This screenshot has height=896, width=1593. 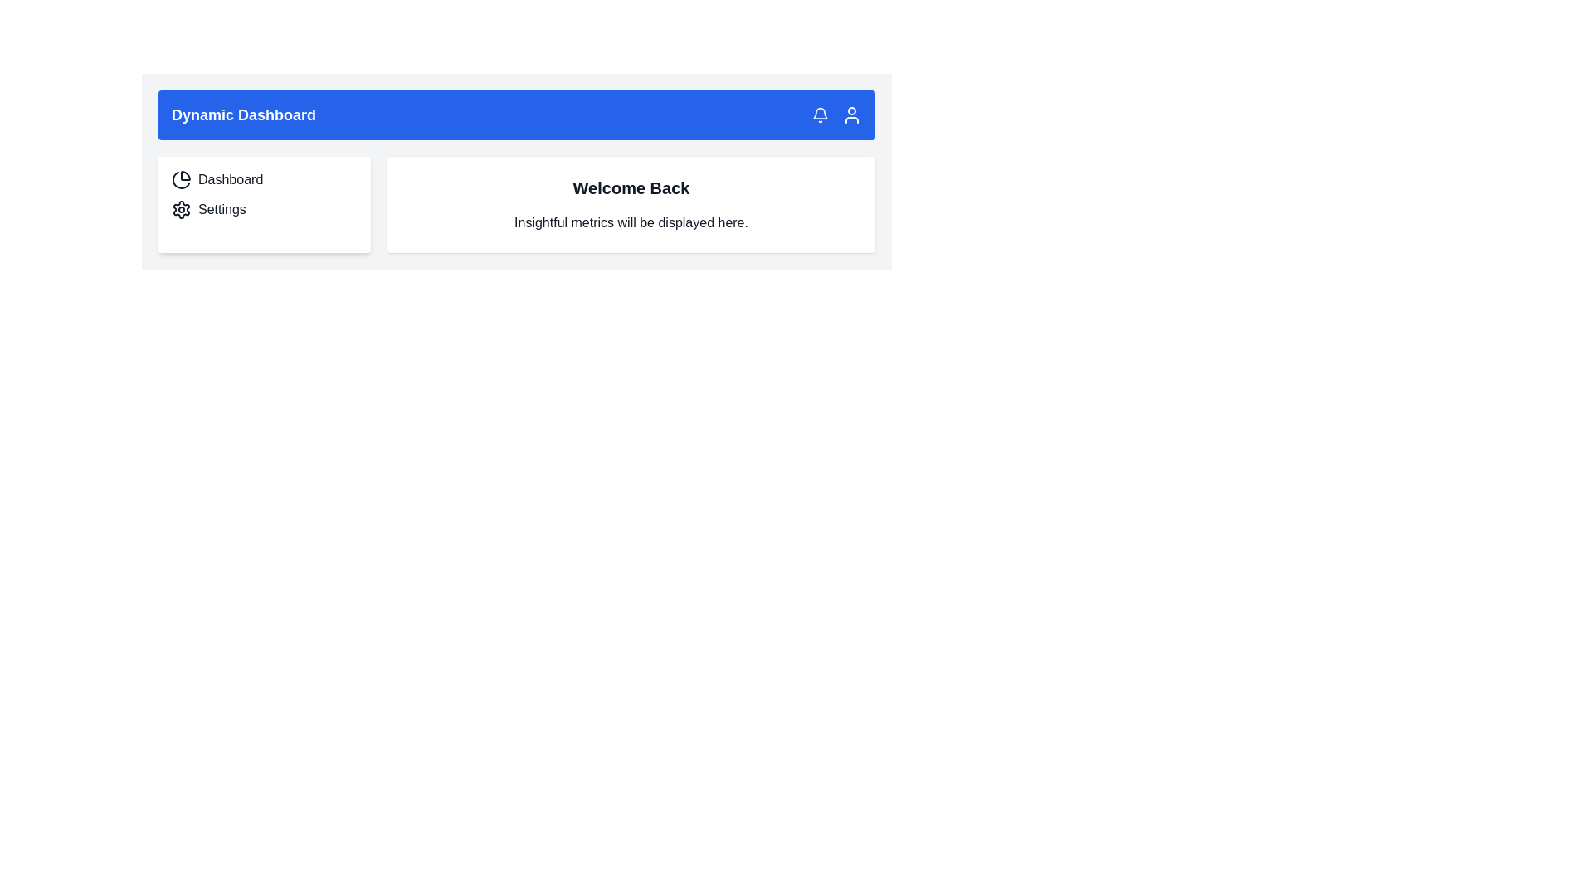 What do you see at coordinates (820, 114) in the screenshot?
I see `the notifications icon located` at bounding box center [820, 114].